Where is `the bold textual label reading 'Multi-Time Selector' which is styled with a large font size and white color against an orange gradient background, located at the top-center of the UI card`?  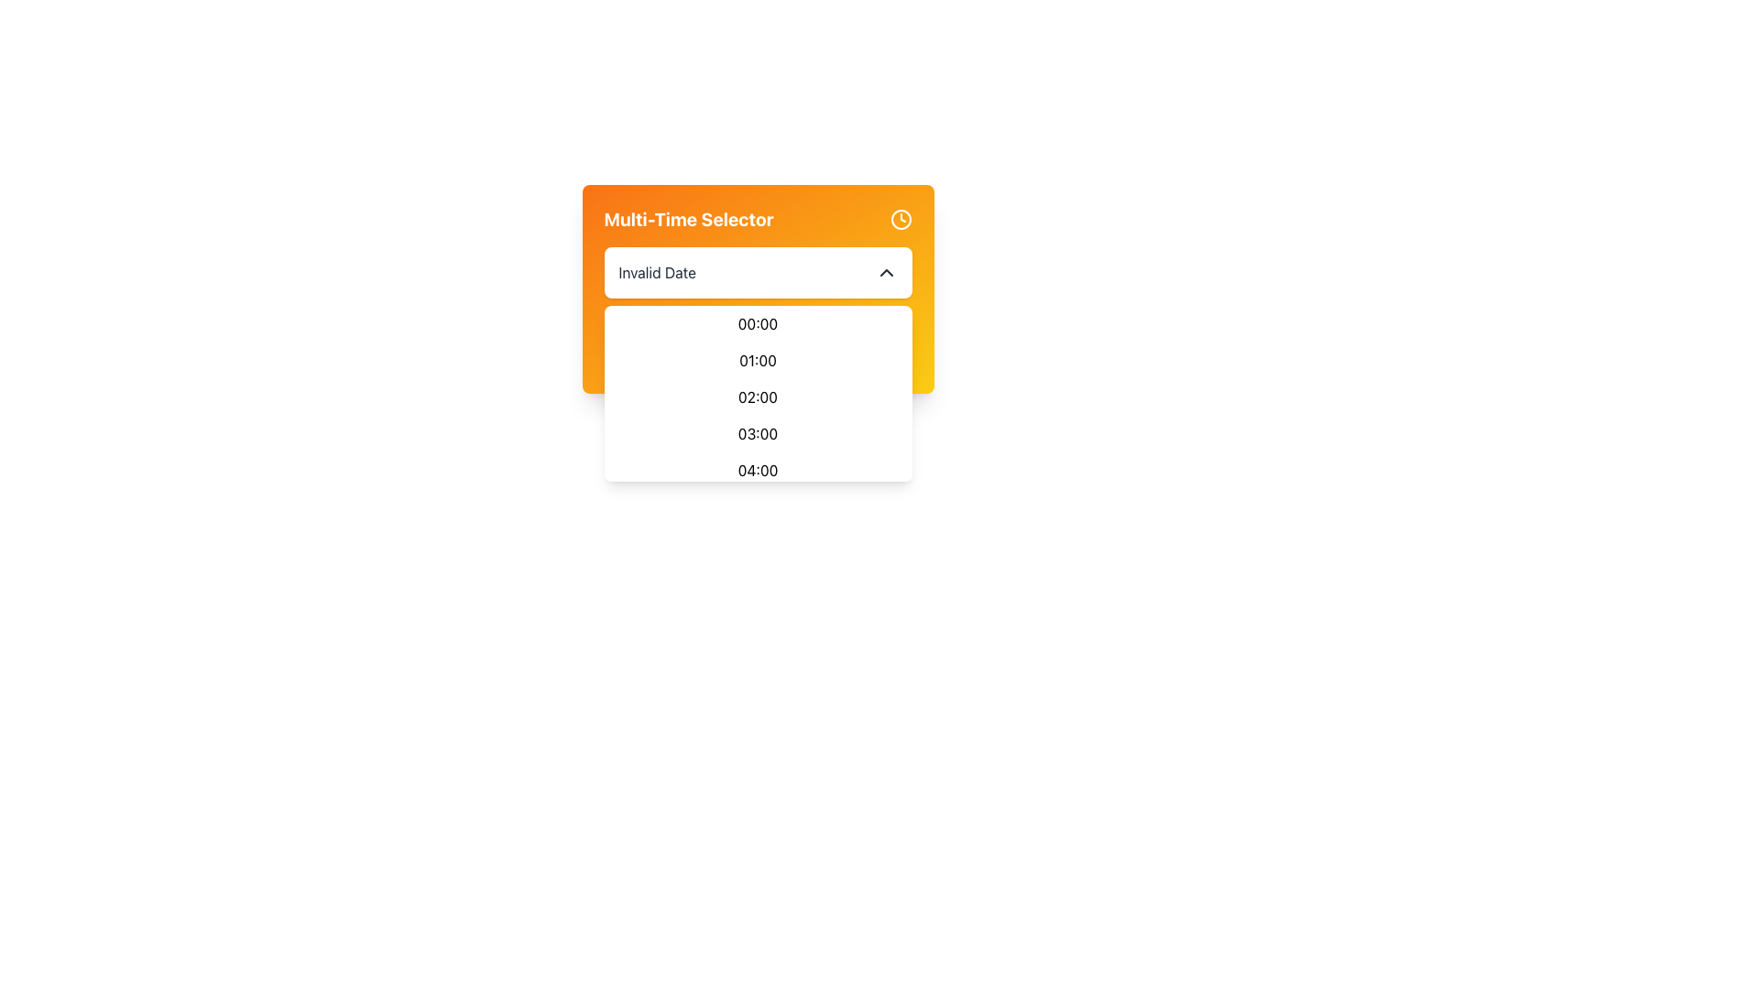
the bold textual label reading 'Multi-Time Selector' which is styled with a large font size and white color against an orange gradient background, located at the top-center of the UI card is located at coordinates (688, 218).